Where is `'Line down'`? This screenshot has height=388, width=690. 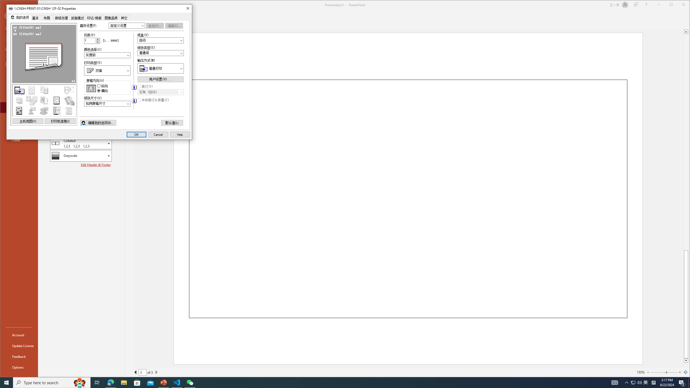 'Line down' is located at coordinates (686, 360).